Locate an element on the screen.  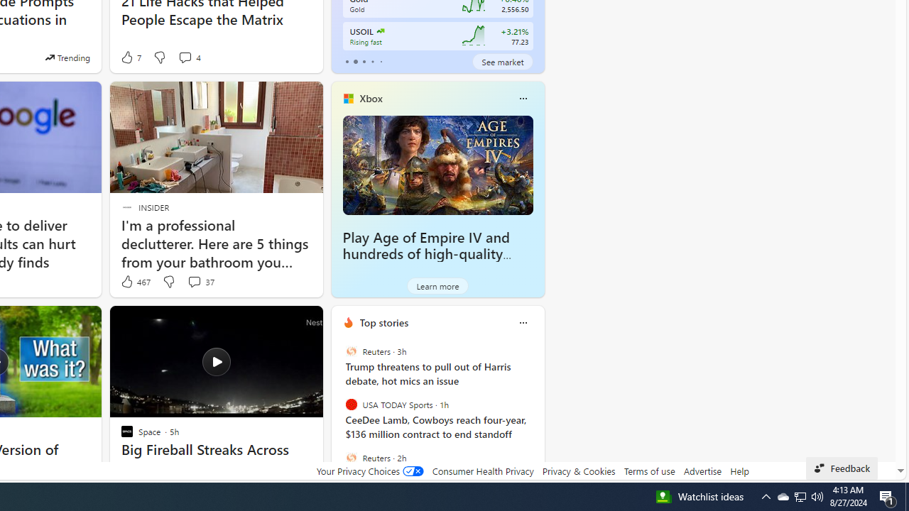
'Top stories' is located at coordinates (383, 322).